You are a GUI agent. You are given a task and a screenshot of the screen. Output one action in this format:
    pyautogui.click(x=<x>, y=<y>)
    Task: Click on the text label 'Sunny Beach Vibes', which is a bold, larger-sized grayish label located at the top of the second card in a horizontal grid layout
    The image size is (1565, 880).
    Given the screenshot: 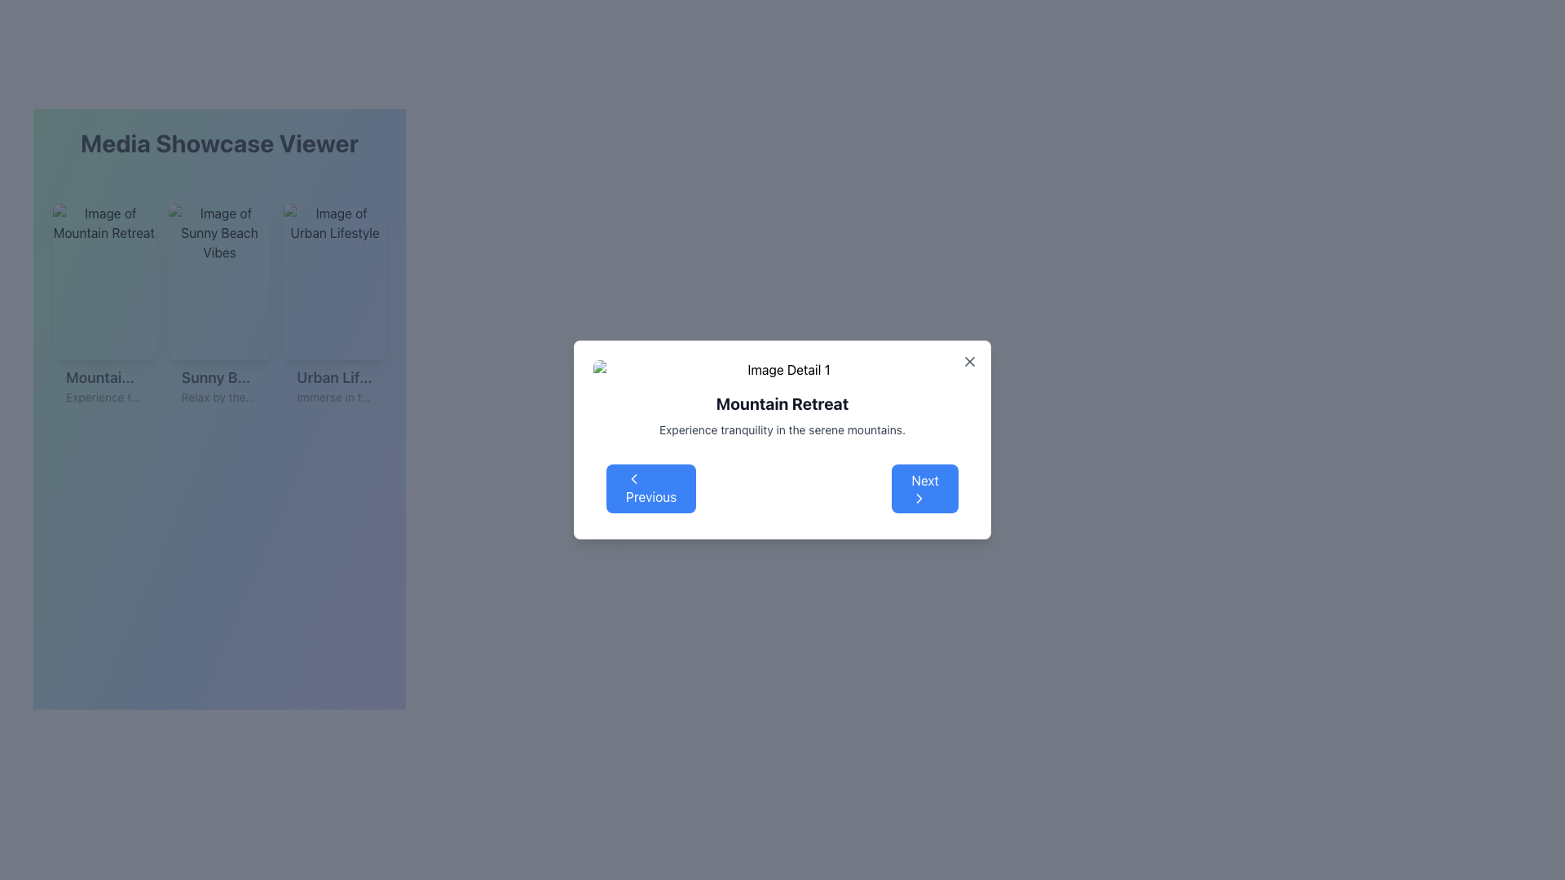 What is the action you would take?
    pyautogui.click(x=218, y=377)
    